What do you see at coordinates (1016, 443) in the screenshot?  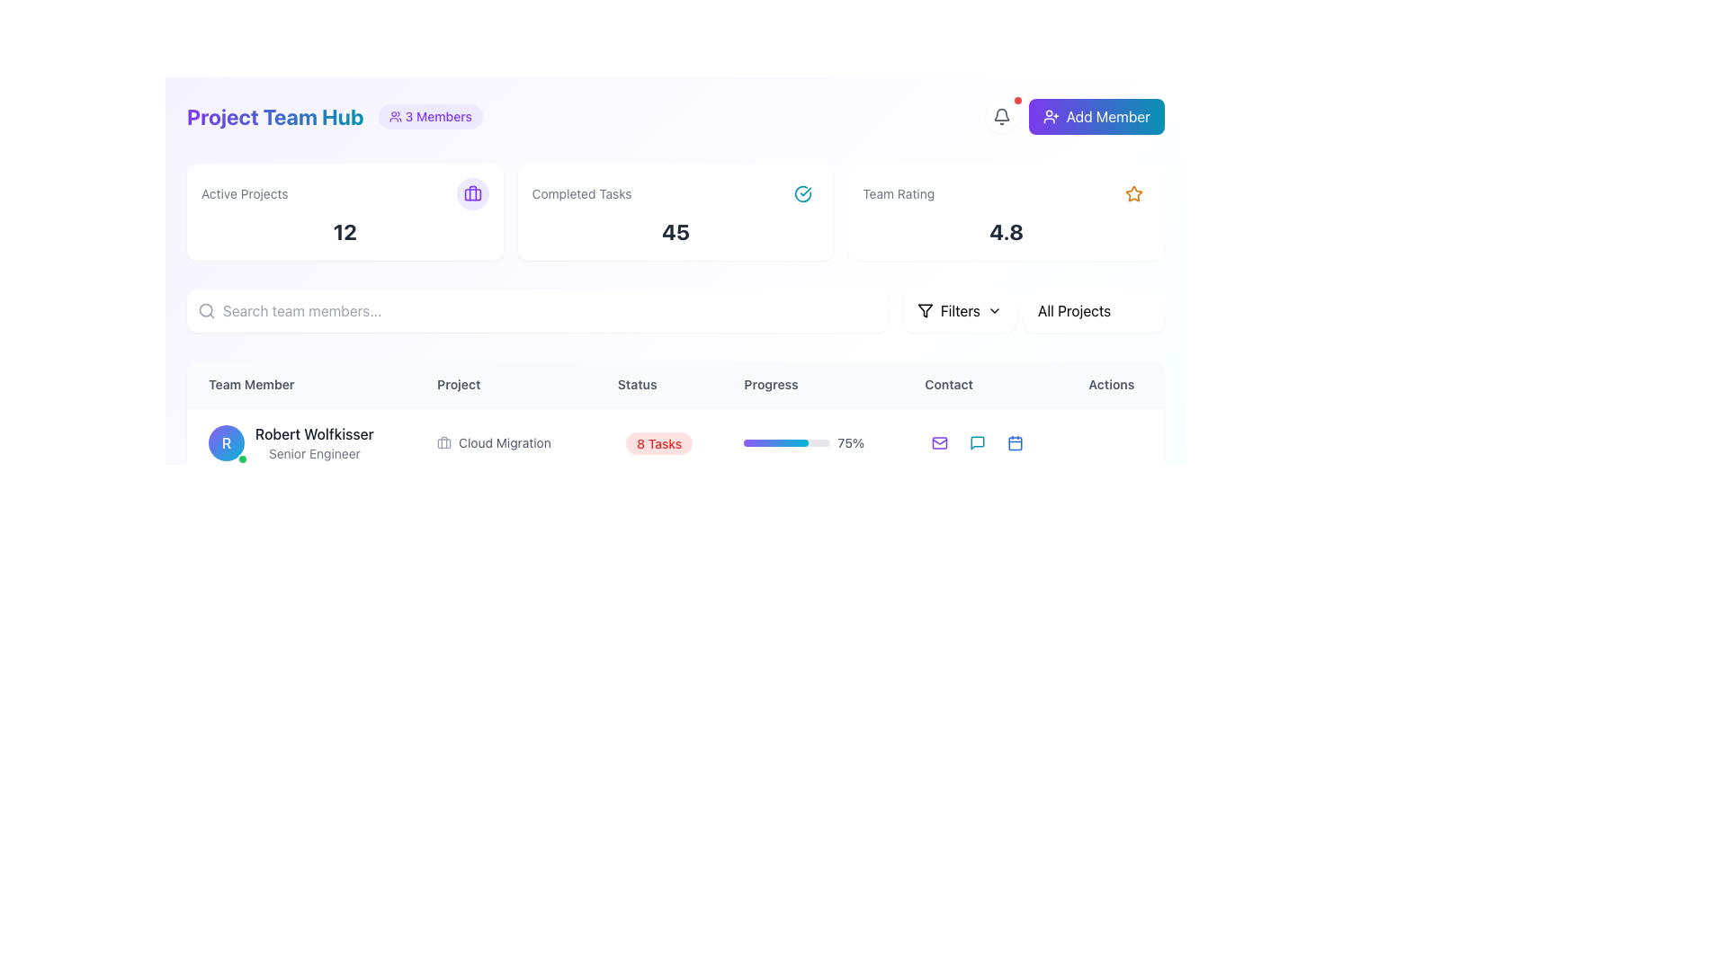 I see `the calendar icon located in the 'Actions' column of the table for the entry corresponding to 'Robert Wolfkisser'` at bounding box center [1016, 443].